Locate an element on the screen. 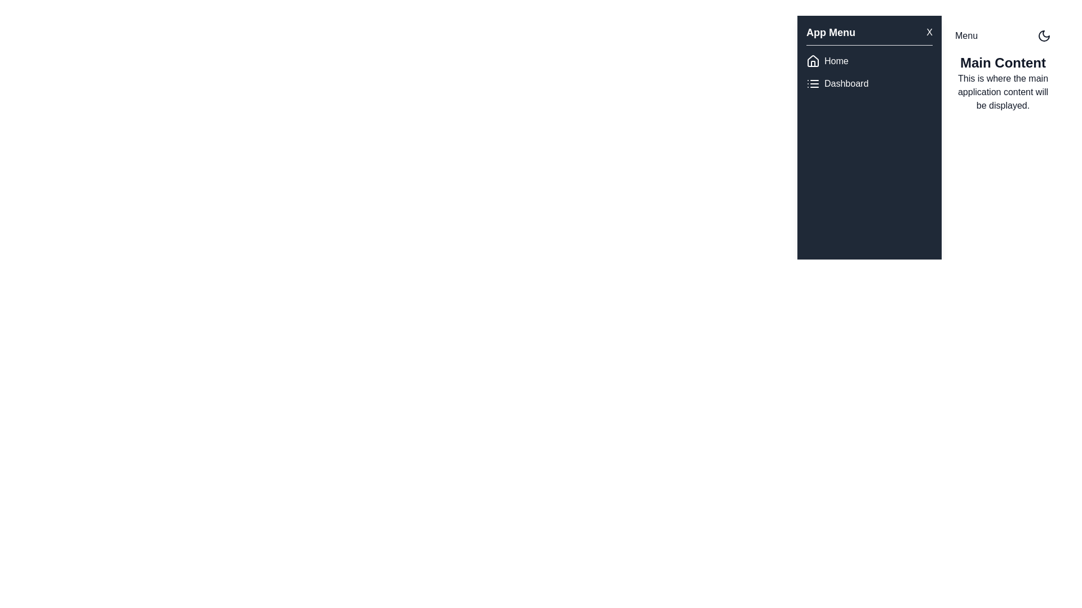  the house-shaped icon in the sidebar menu is located at coordinates (813, 61).